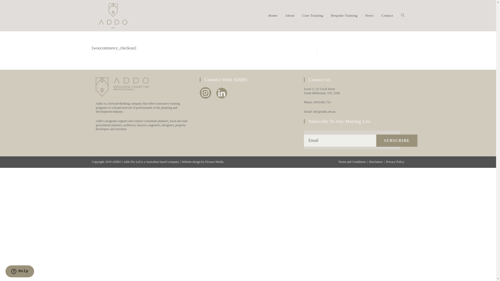  I want to click on 'Opens a widget where you can chat to one of our agents', so click(20, 272).